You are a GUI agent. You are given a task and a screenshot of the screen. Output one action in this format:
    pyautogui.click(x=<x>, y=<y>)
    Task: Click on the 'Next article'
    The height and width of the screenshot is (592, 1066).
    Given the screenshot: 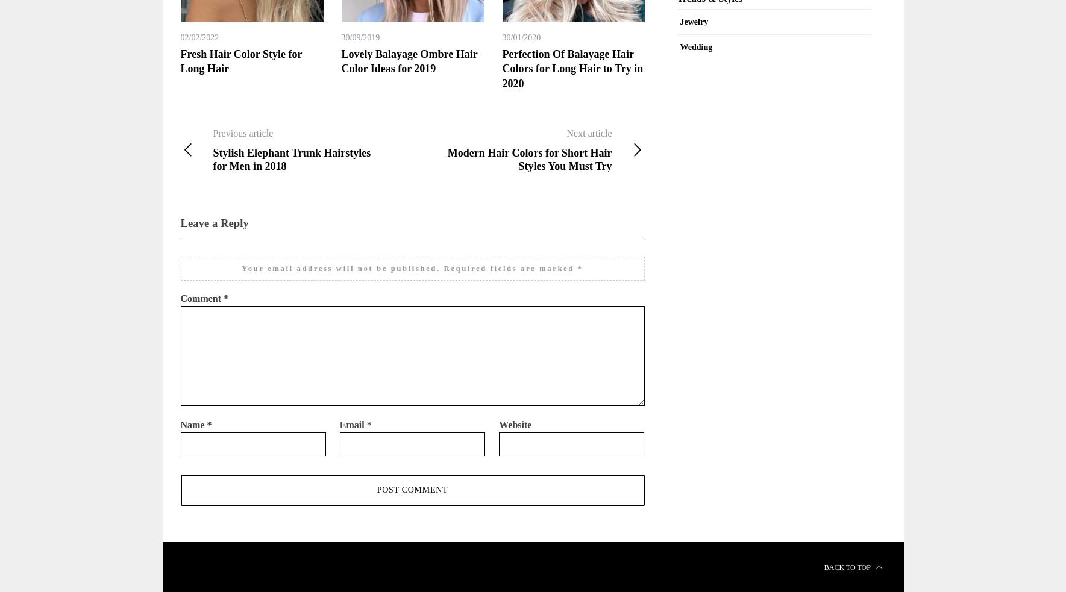 What is the action you would take?
    pyautogui.click(x=589, y=132)
    